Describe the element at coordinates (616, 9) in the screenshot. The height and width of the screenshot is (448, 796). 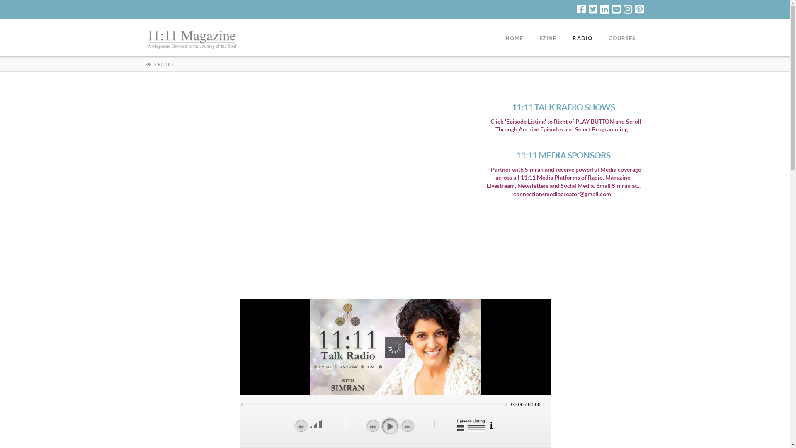
I see `'YouTube'` at that location.